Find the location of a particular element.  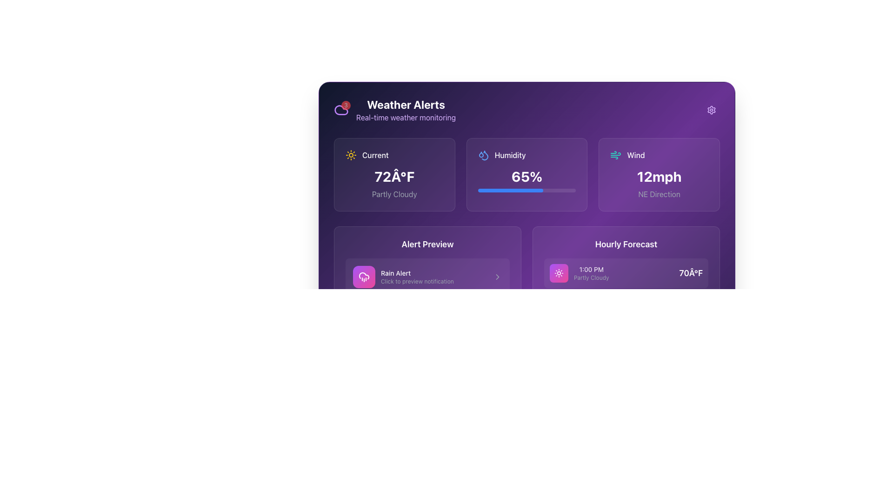

circular icon placeholder with a colorful gradient background and a white cloud icon, located to the left of the text section displaying '2:00 PM' and 'Partly Cloudy' is located at coordinates (558, 310).